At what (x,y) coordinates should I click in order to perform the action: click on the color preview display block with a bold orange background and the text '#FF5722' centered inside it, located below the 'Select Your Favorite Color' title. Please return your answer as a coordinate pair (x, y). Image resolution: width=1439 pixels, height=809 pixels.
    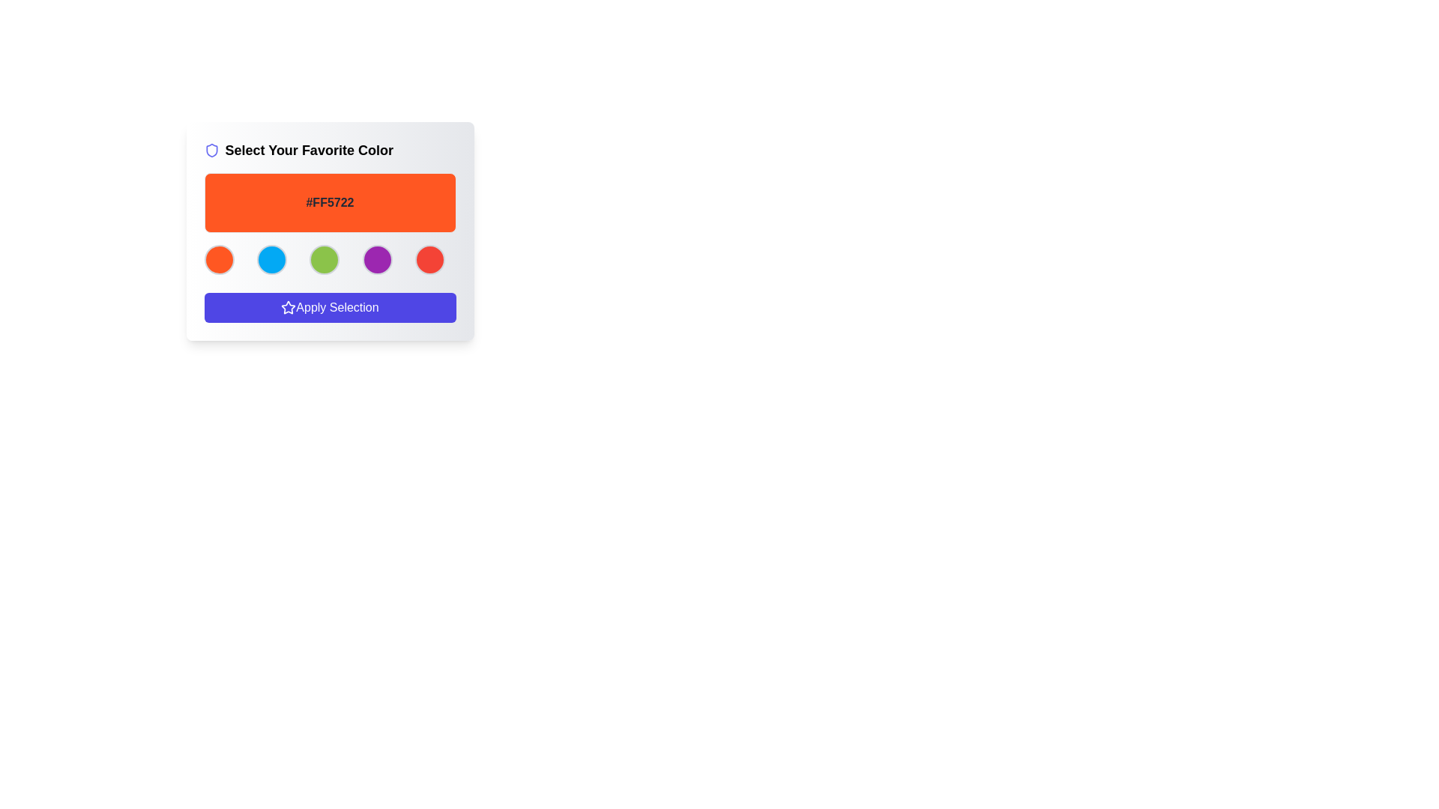
    Looking at the image, I should click on (329, 202).